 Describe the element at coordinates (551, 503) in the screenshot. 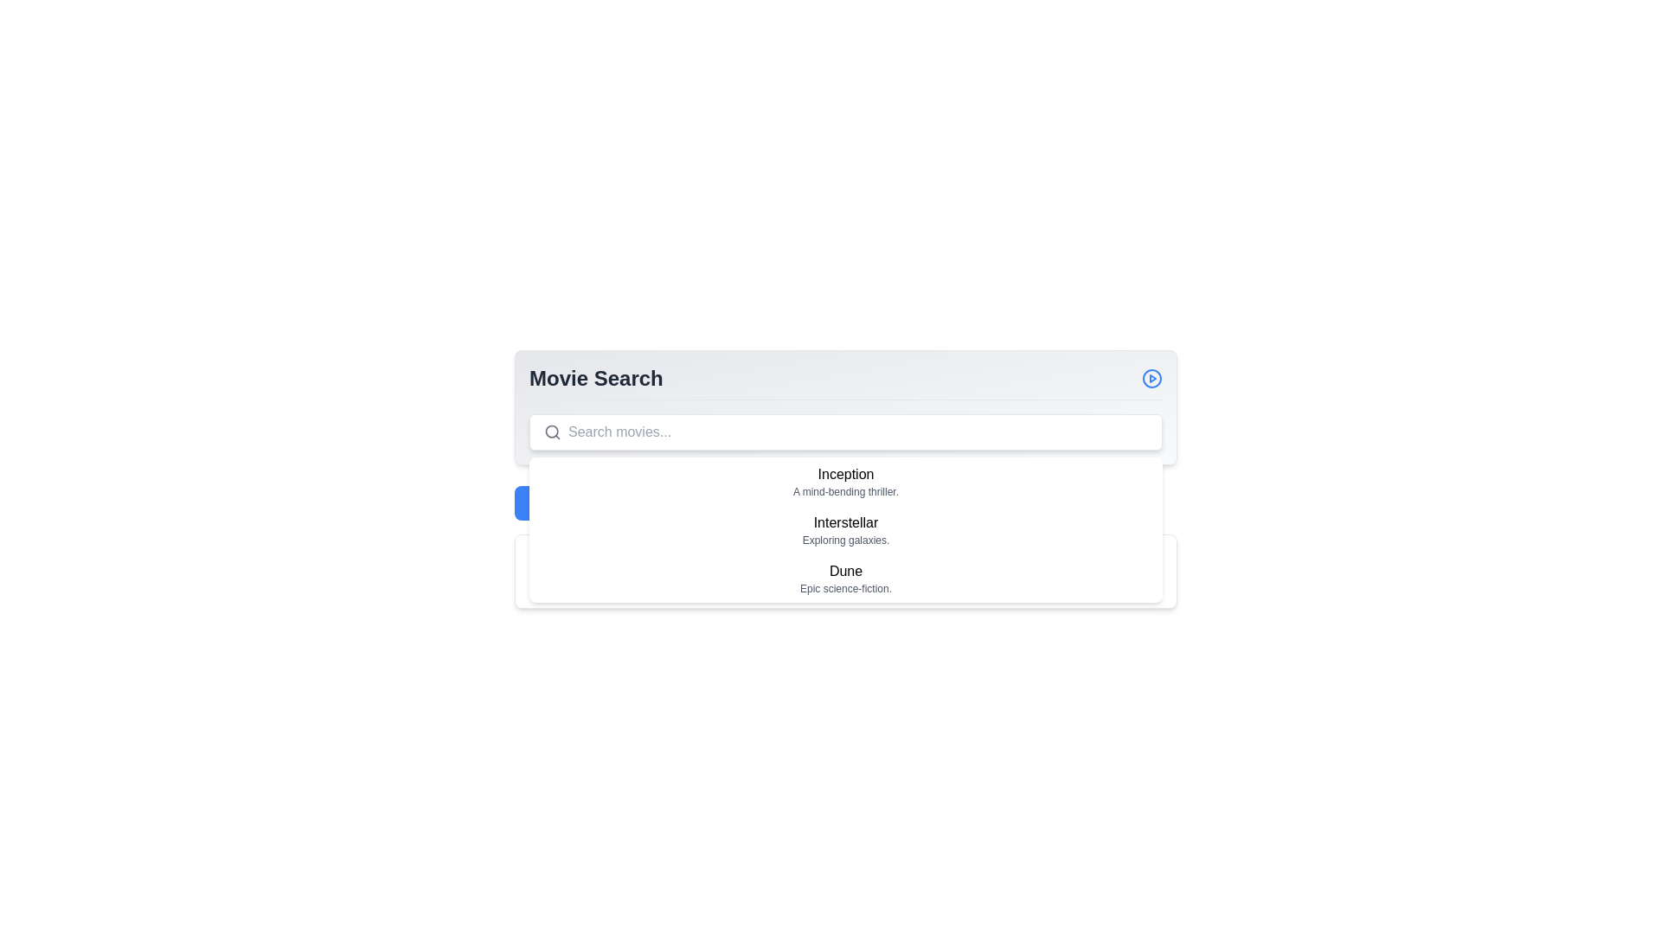

I see `the 'Popular' button, which is the leftmost button in a horizontal set of buttons for categorizing items` at that location.